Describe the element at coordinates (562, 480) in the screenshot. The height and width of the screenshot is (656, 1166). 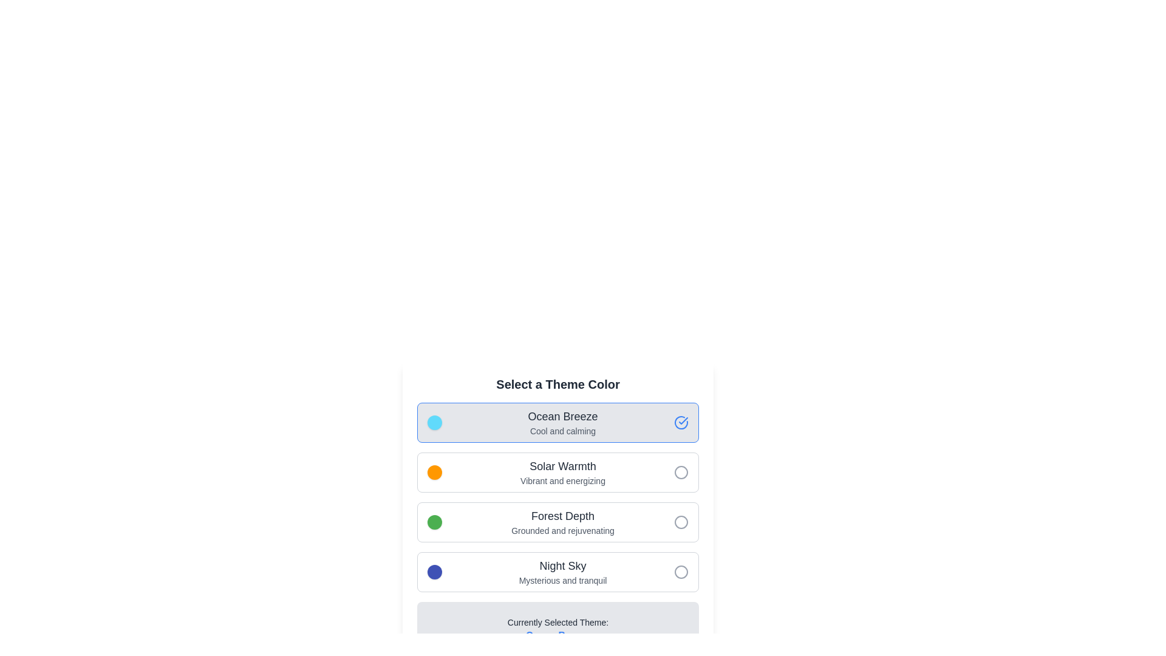
I see `the descriptive caption or subtitle for the 'Solar Warmth' theme option, which is located below the title 'Solar Warmth' and slightly to the right of a circular orange indicator` at that location.